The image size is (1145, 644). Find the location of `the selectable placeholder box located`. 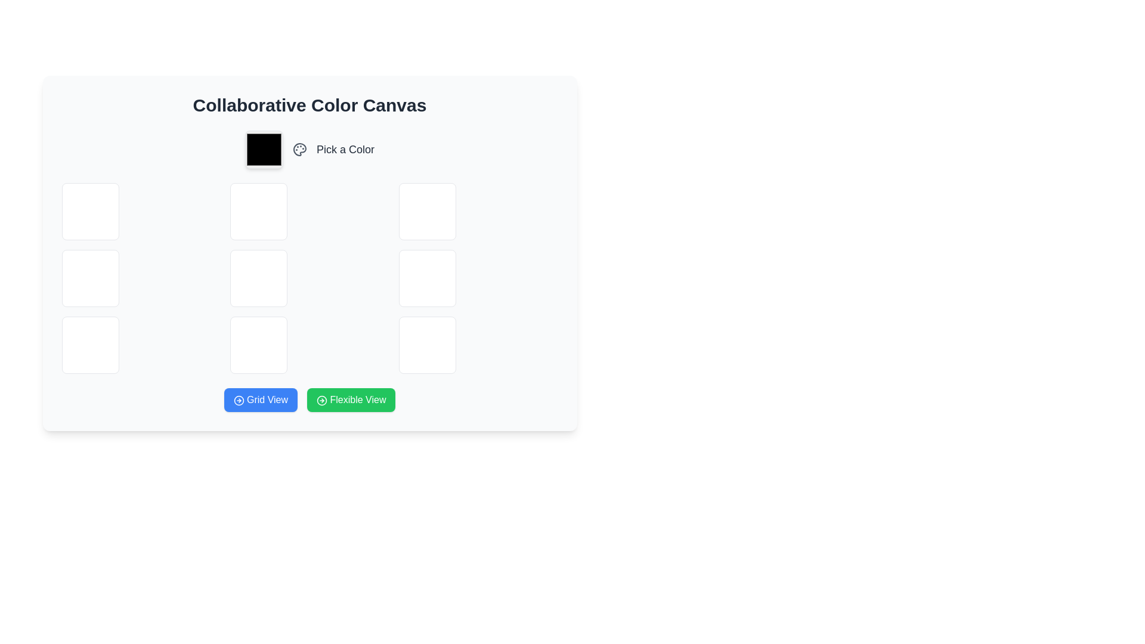

the selectable placeholder box located is located at coordinates (258, 278).